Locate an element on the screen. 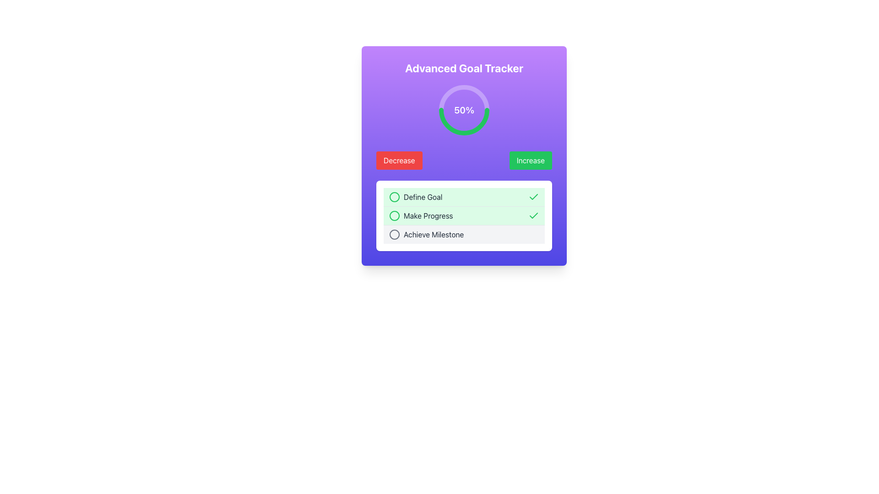 This screenshot has height=494, width=879. the circular progress indicator located at the top-center of the 'Advanced Goal Tracker' card, which features a partially filled green arc and a transparent background is located at coordinates (464, 109).